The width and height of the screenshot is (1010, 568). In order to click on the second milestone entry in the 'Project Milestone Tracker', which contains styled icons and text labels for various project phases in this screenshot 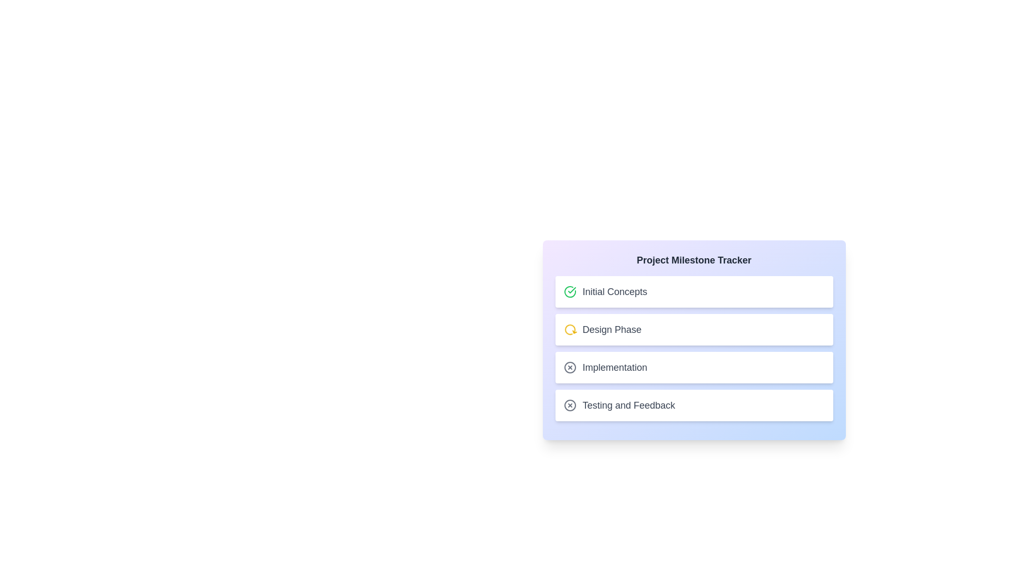, I will do `click(694, 349)`.